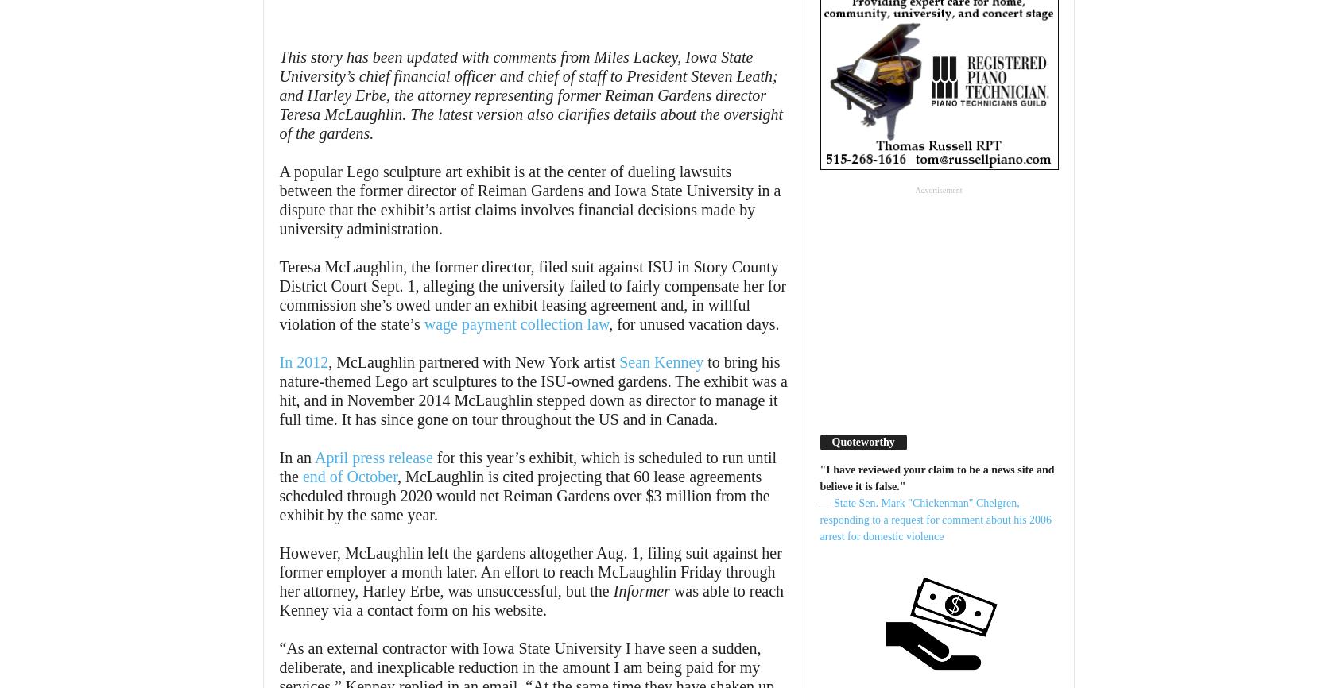 The image size is (1337, 688). I want to click on ', McLaughlin partnered with New York artist', so click(473, 362).